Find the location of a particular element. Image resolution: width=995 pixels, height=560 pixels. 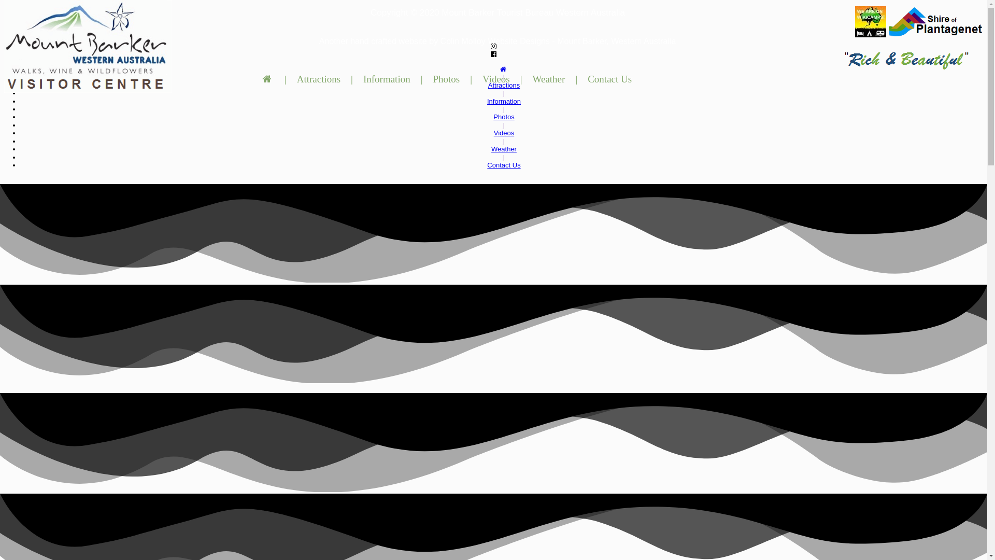

'Videos' is located at coordinates (495, 79).